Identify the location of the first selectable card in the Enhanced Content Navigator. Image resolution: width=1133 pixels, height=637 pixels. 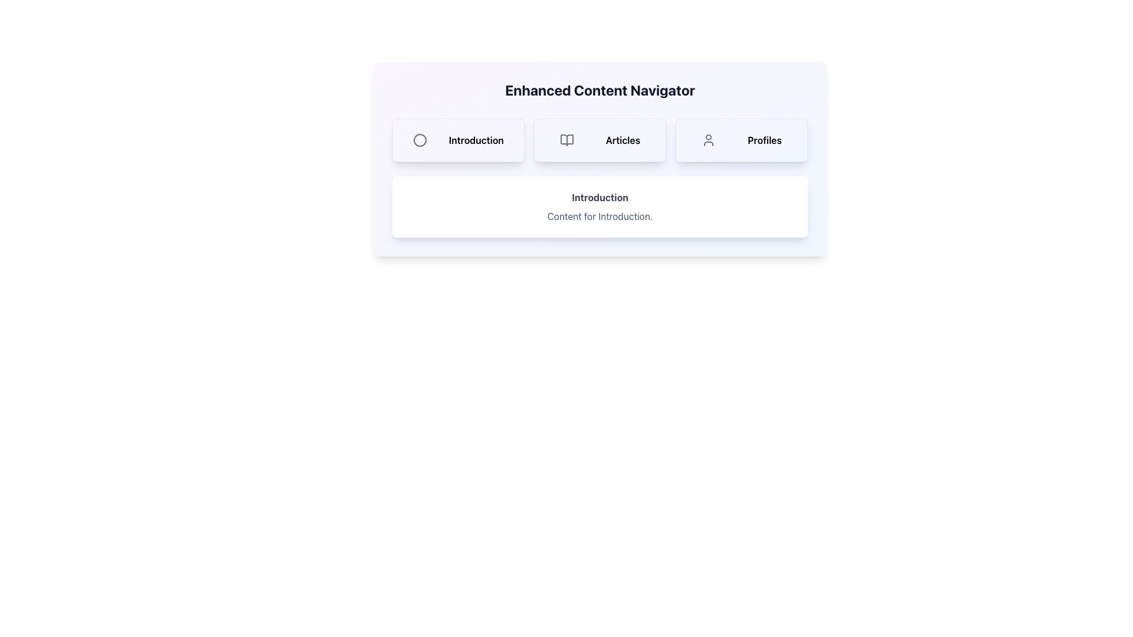
(458, 140).